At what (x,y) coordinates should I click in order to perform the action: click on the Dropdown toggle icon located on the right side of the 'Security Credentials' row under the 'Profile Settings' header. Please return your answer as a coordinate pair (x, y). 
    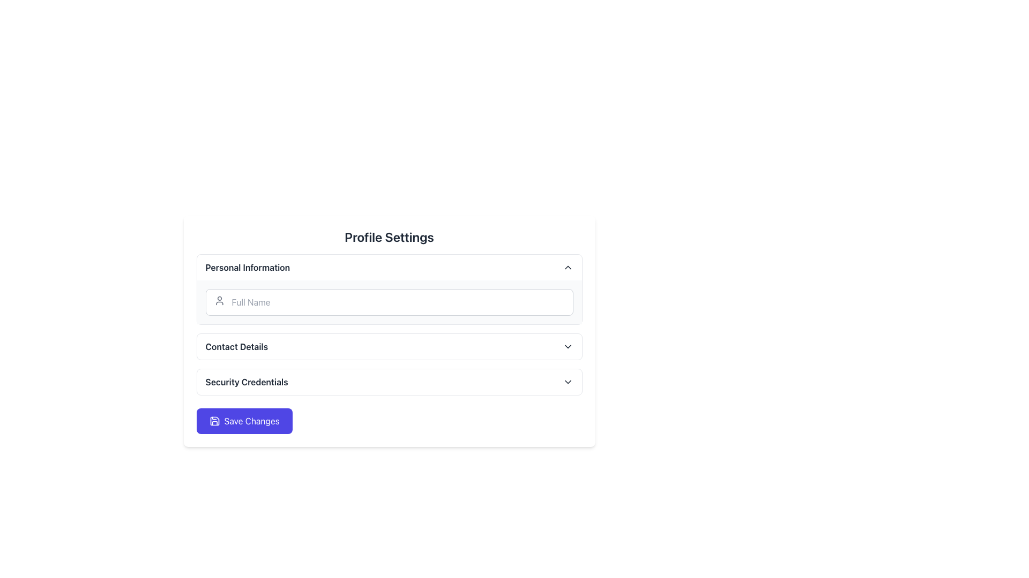
    Looking at the image, I should click on (567, 381).